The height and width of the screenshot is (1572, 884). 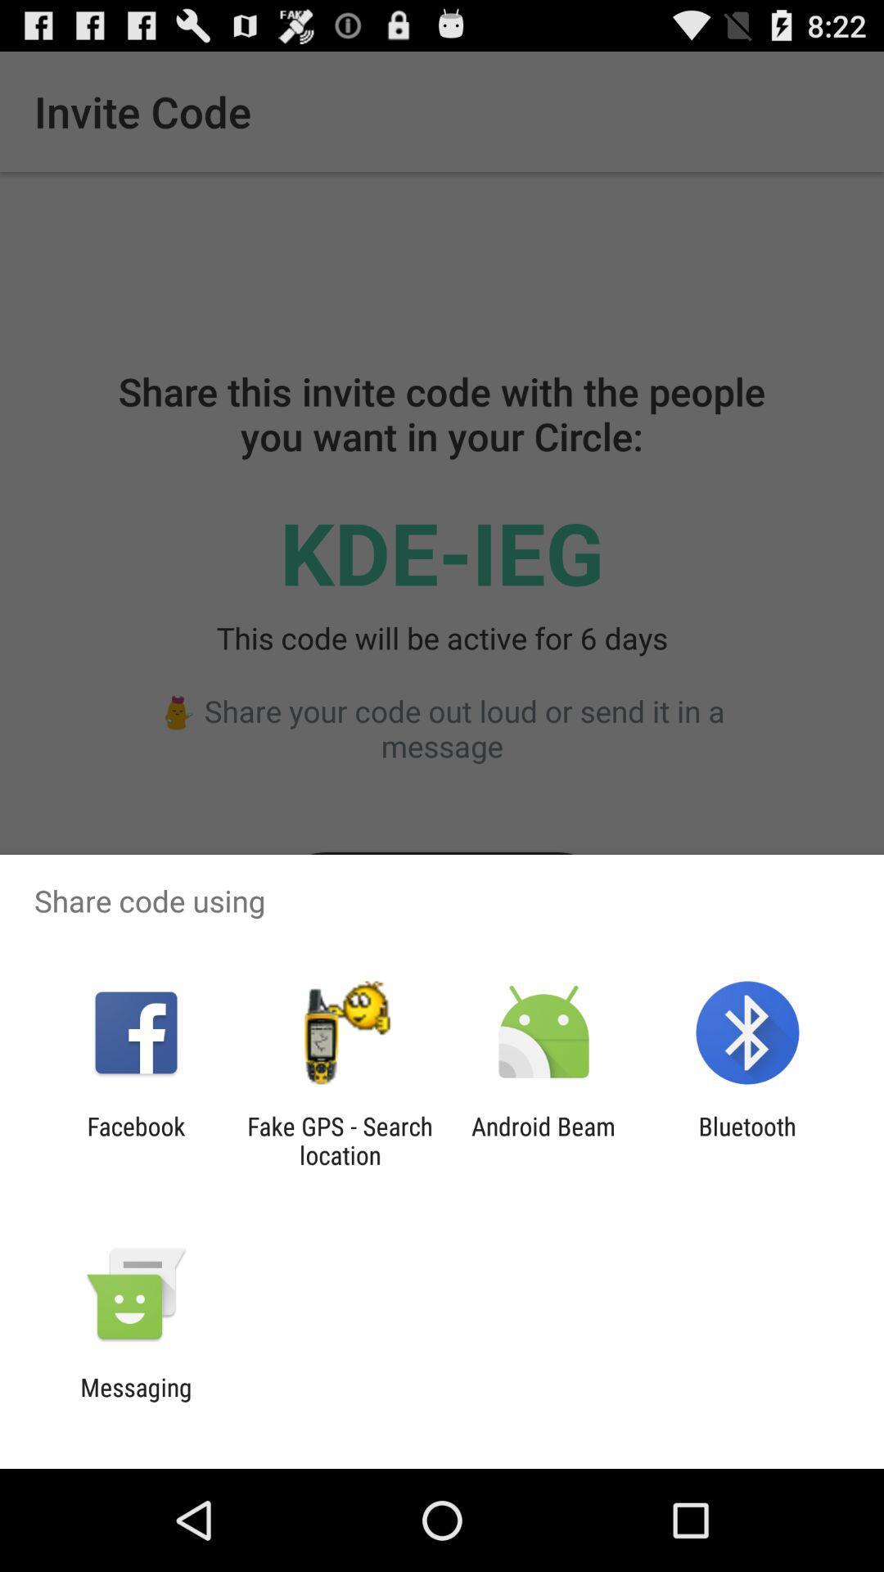 What do you see at coordinates (543, 1140) in the screenshot?
I see `app to the right of fake gps search` at bounding box center [543, 1140].